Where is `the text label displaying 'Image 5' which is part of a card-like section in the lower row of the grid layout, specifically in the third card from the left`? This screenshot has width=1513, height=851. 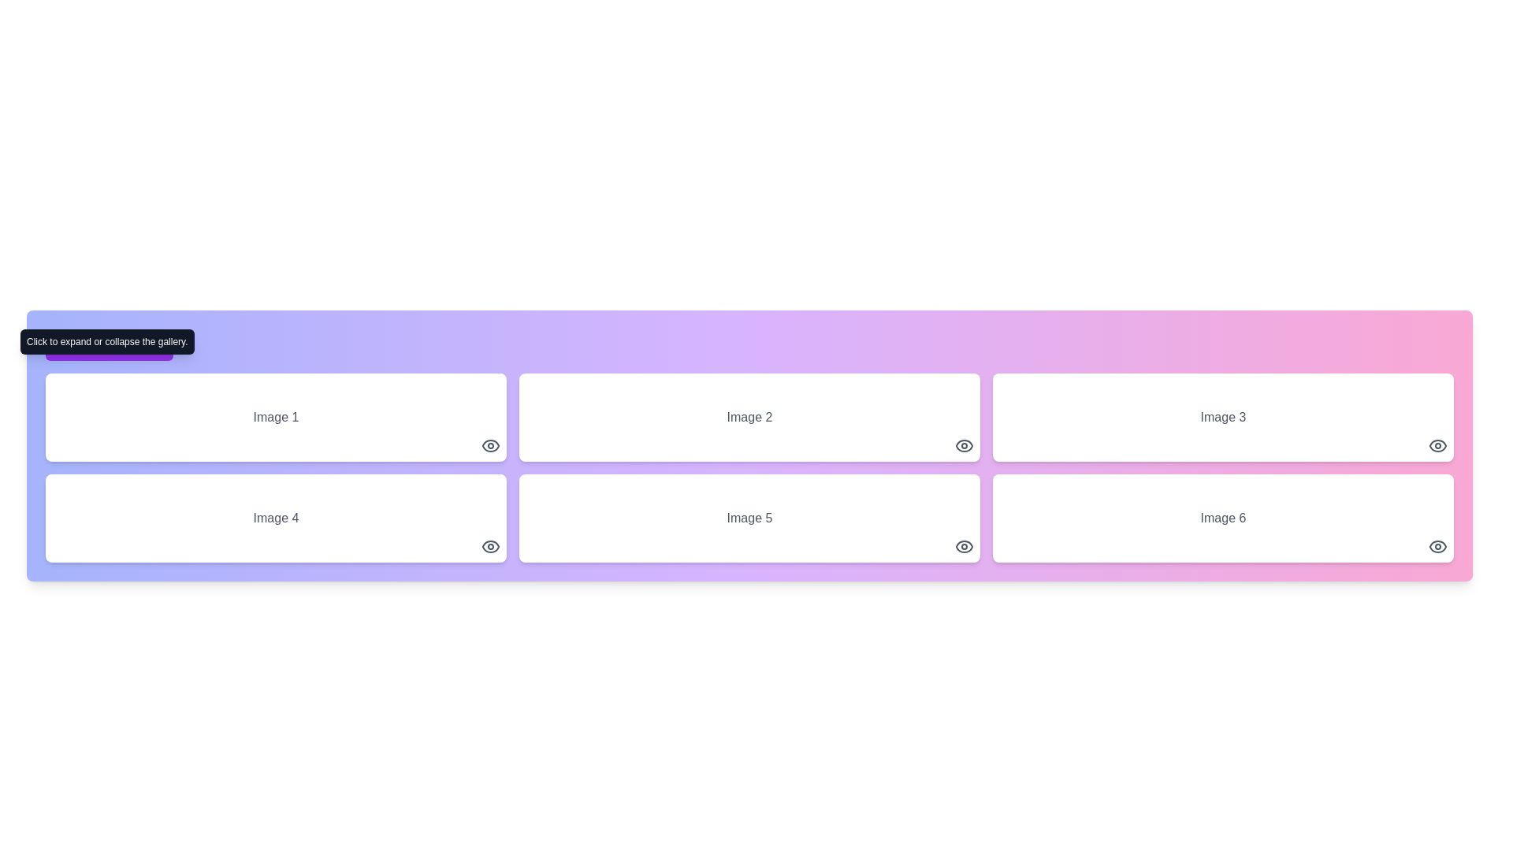 the text label displaying 'Image 5' which is part of a card-like section in the lower row of the grid layout, specifically in the third card from the left is located at coordinates (749, 518).